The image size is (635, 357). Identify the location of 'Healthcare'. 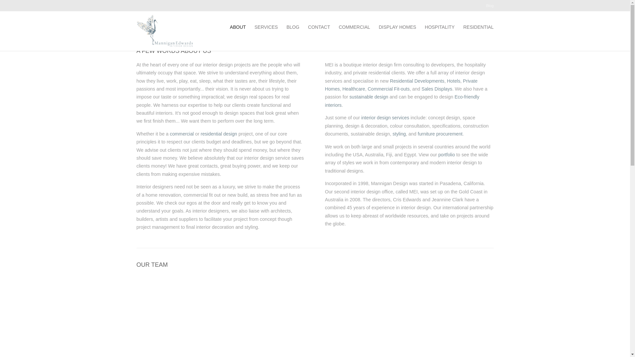
(353, 89).